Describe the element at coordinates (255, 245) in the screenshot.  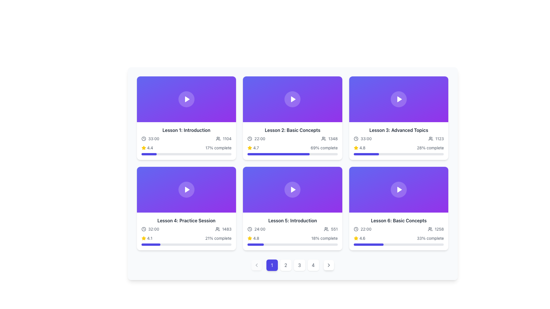
I see `the filled portion of the progress bar representing 18% completion for 'Lesson 5: Introduction' located in the second row, third column of the grid layout` at that location.